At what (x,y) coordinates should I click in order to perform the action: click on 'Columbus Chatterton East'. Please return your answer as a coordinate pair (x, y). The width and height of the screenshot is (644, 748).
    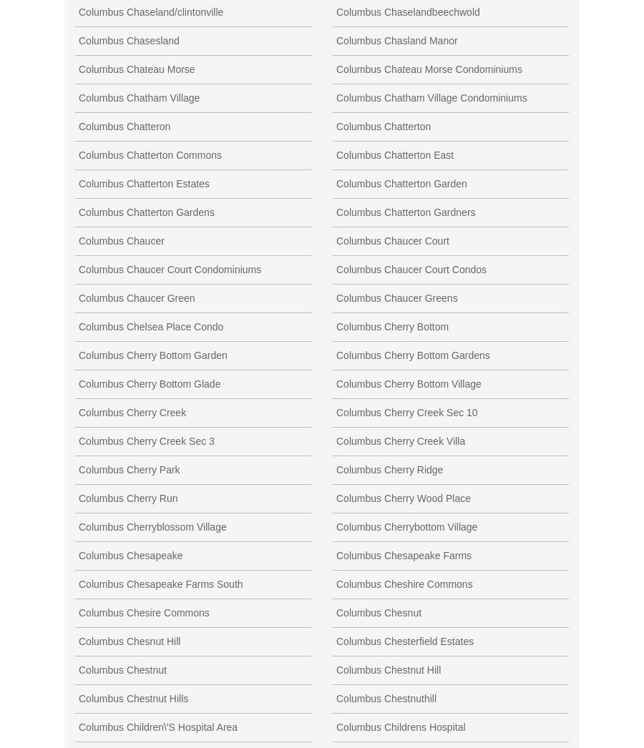
    Looking at the image, I should click on (335, 153).